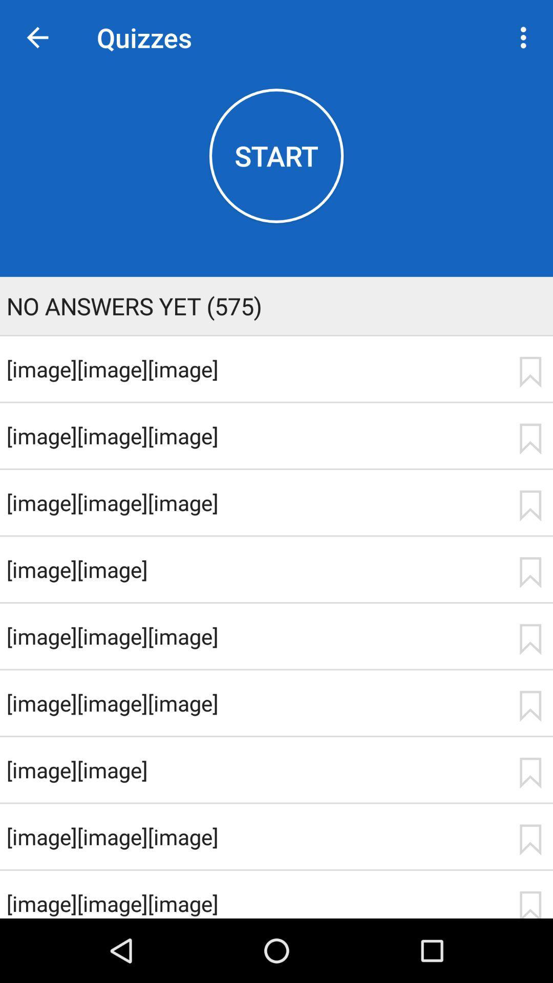  What do you see at coordinates (530, 706) in the screenshot?
I see `tag title` at bounding box center [530, 706].